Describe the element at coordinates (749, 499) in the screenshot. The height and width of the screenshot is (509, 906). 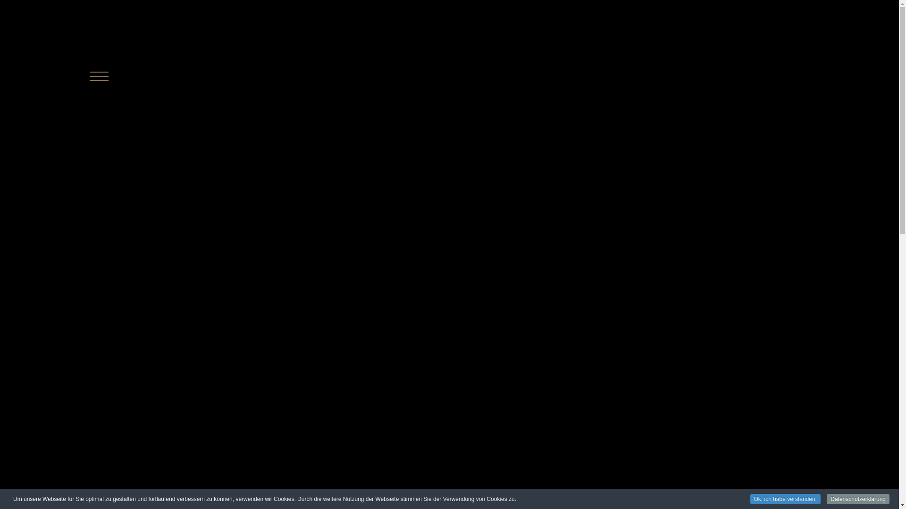
I see `'Ok, ich habe verstanden.'` at that location.